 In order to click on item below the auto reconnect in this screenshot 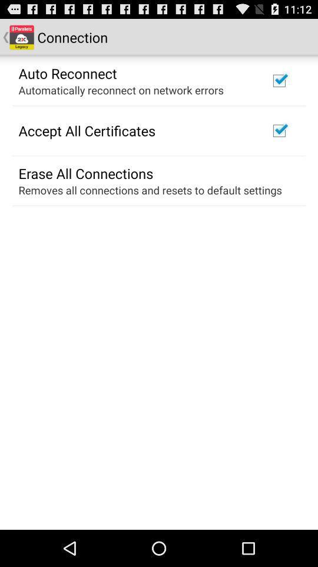, I will do `click(120, 89)`.